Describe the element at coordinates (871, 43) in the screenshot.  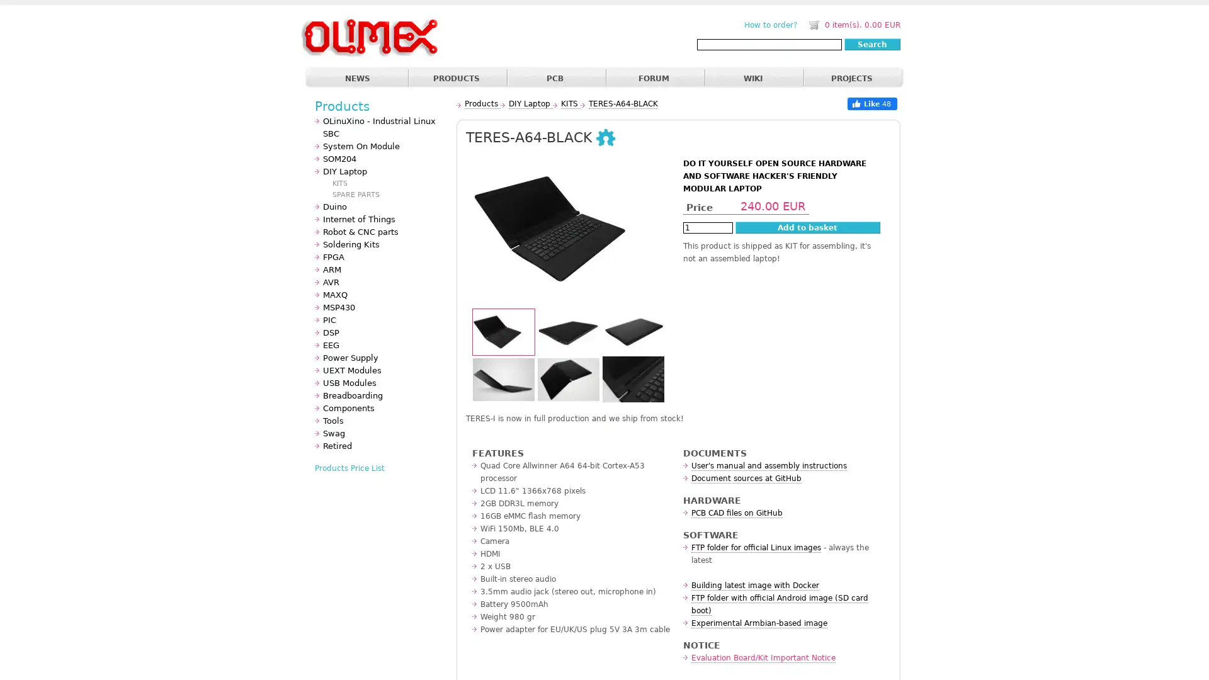
I see `Search` at that location.